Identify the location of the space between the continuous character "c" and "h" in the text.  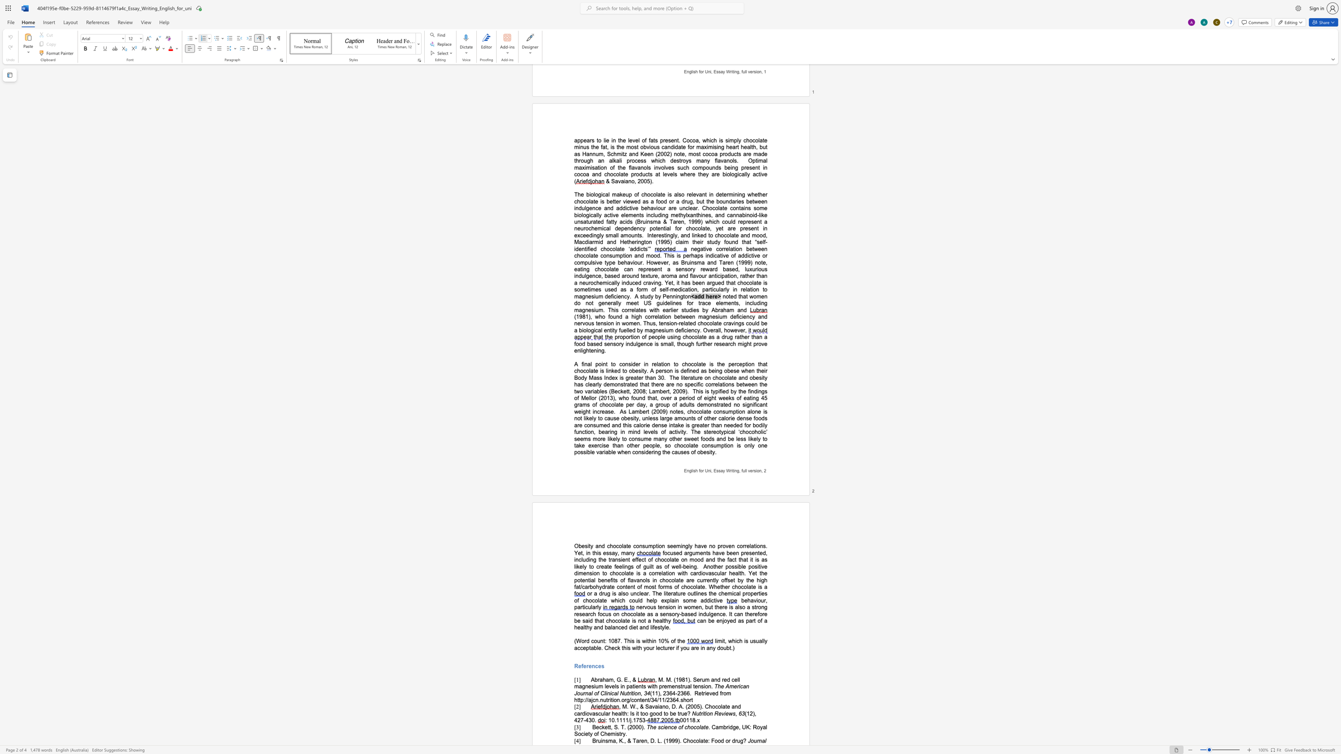
(687, 727).